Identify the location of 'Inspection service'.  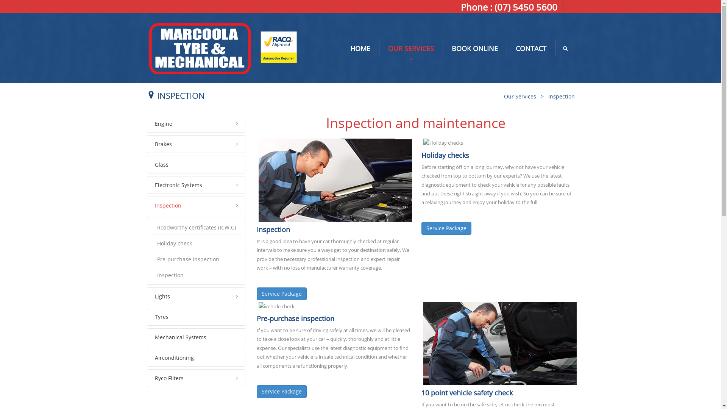
(334, 180).